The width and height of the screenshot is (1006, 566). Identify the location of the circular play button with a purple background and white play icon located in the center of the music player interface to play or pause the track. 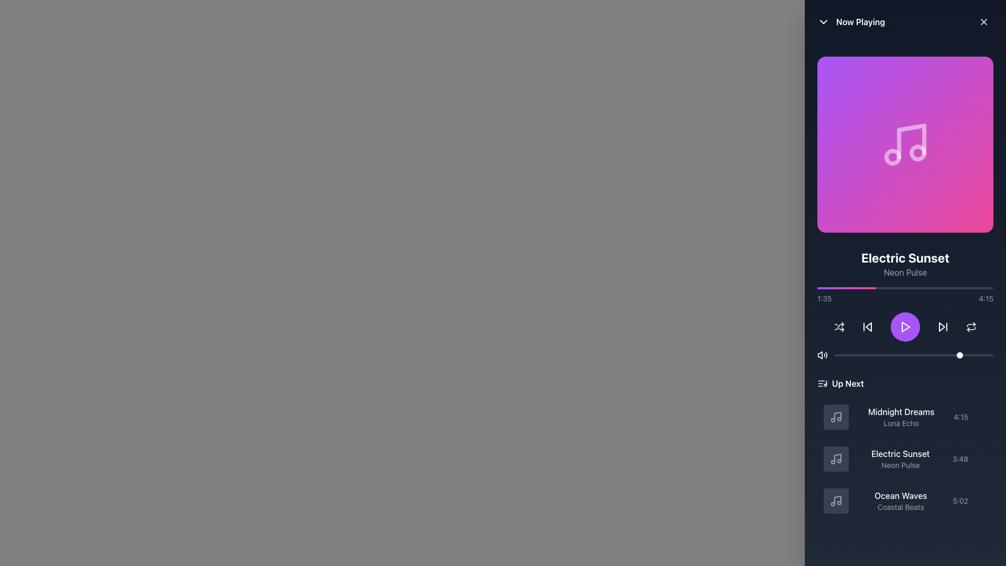
(905, 326).